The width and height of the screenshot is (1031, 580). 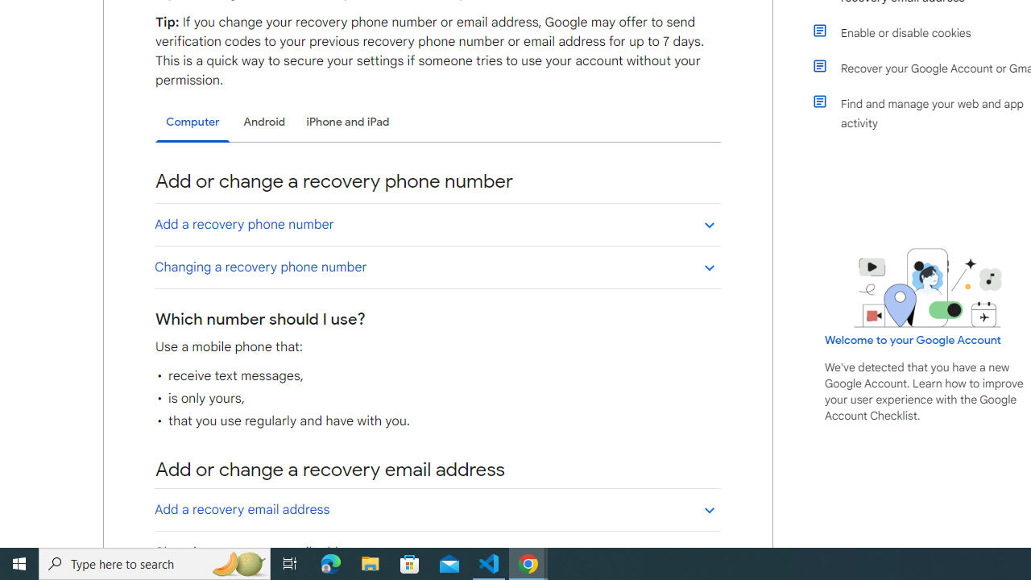 I want to click on 'Changing a recovery phone number', so click(x=437, y=266).